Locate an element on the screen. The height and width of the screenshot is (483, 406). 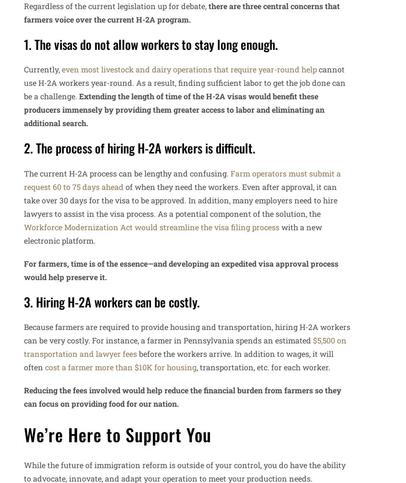
'2. The process of hiring H-2A workers is difficult.' is located at coordinates (139, 148).